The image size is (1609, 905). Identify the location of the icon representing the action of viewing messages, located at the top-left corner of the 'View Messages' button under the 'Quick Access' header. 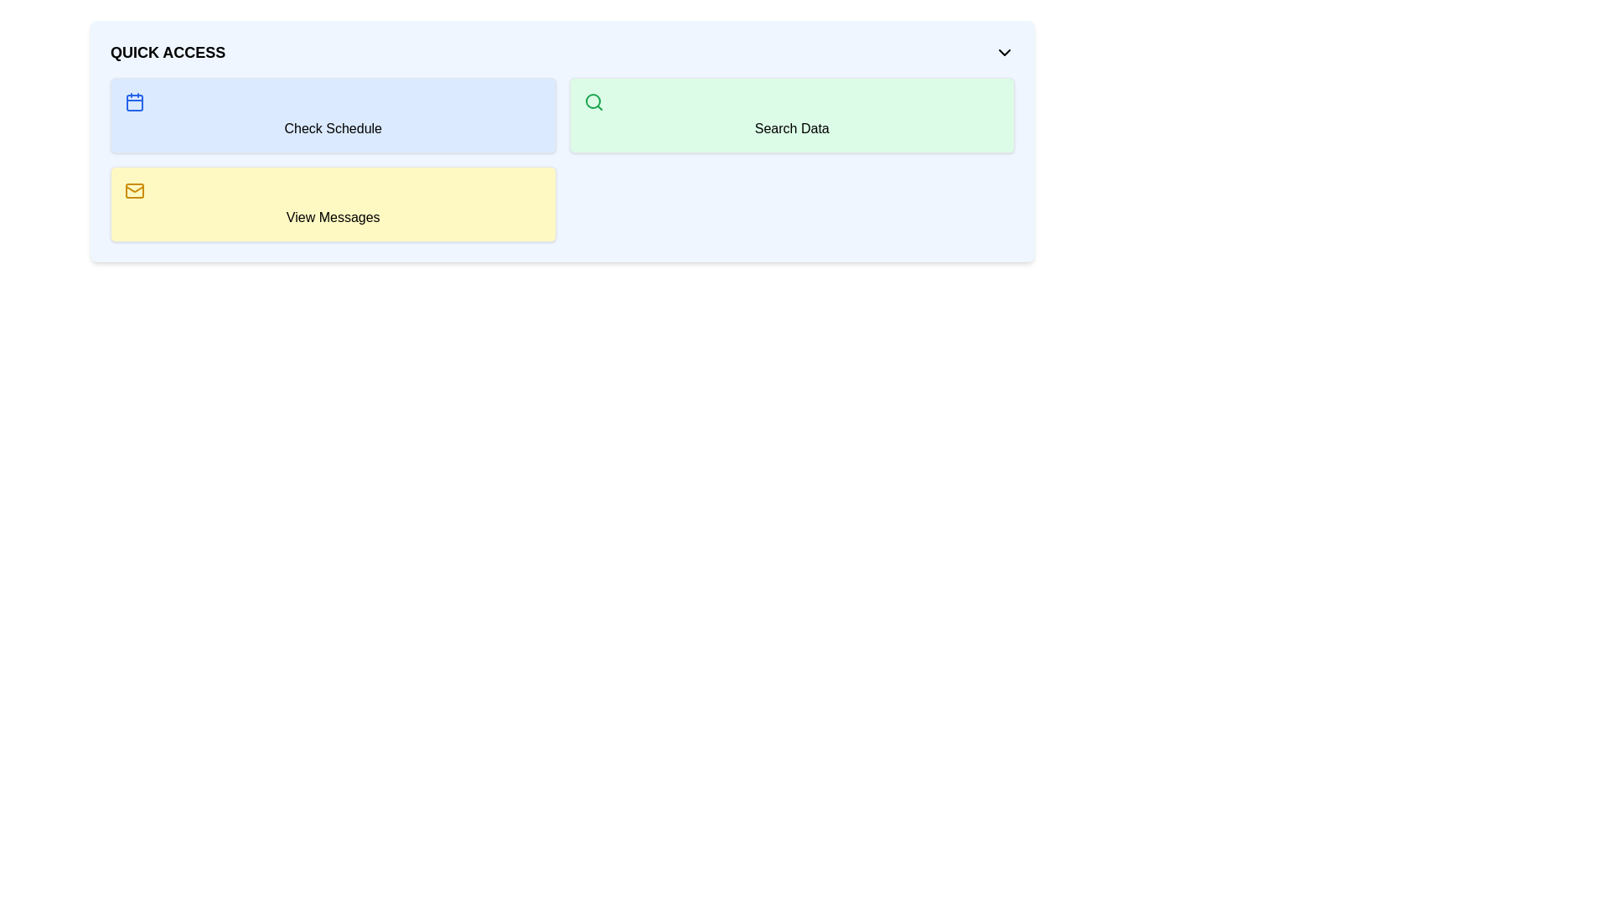
(135, 189).